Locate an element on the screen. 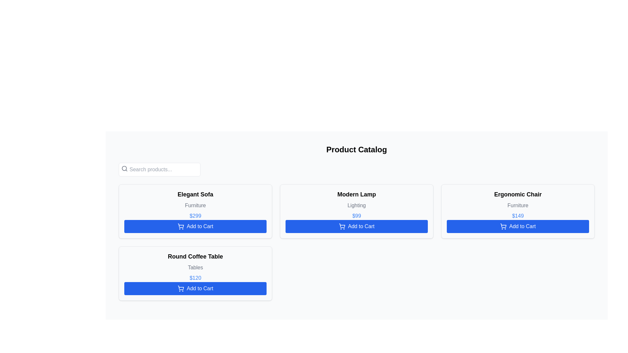 The height and width of the screenshot is (353, 628). the 'Add to Cart' button on the product card located at the first position in the first row of the shopping interface is located at coordinates (195, 211).